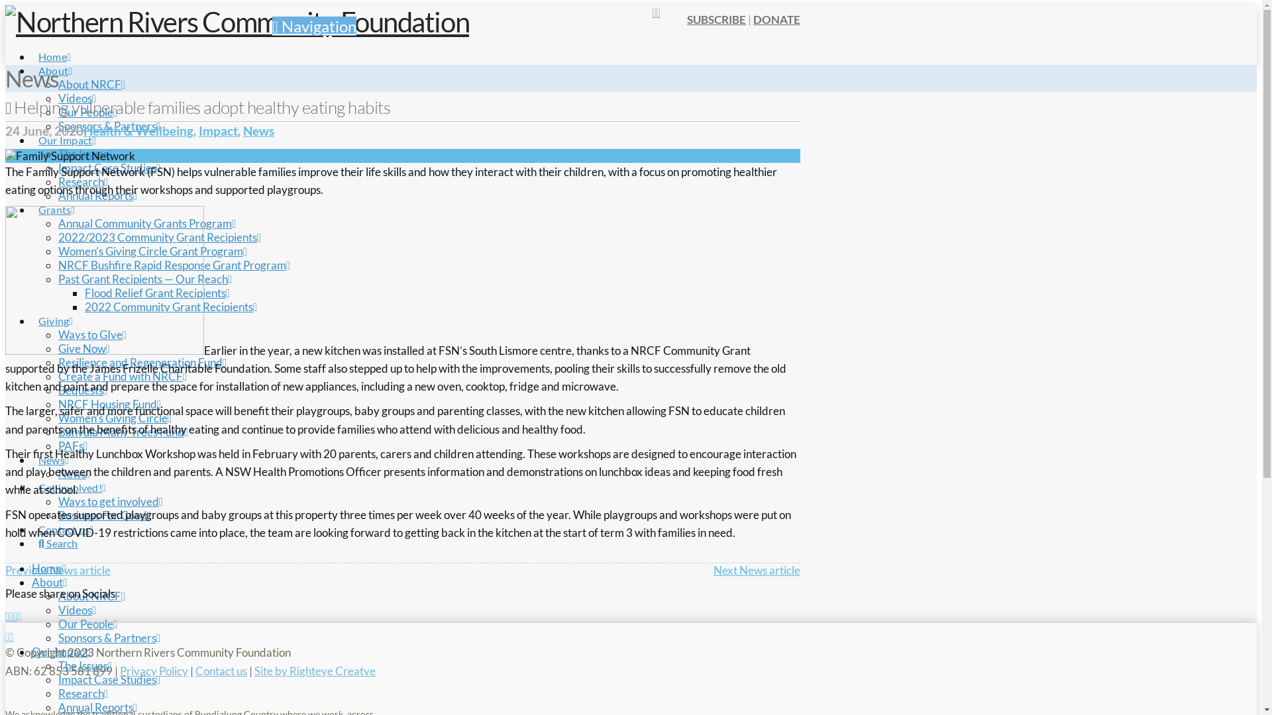 This screenshot has height=715, width=1272. What do you see at coordinates (19, 616) in the screenshot?
I see `'Share via Email'` at bounding box center [19, 616].